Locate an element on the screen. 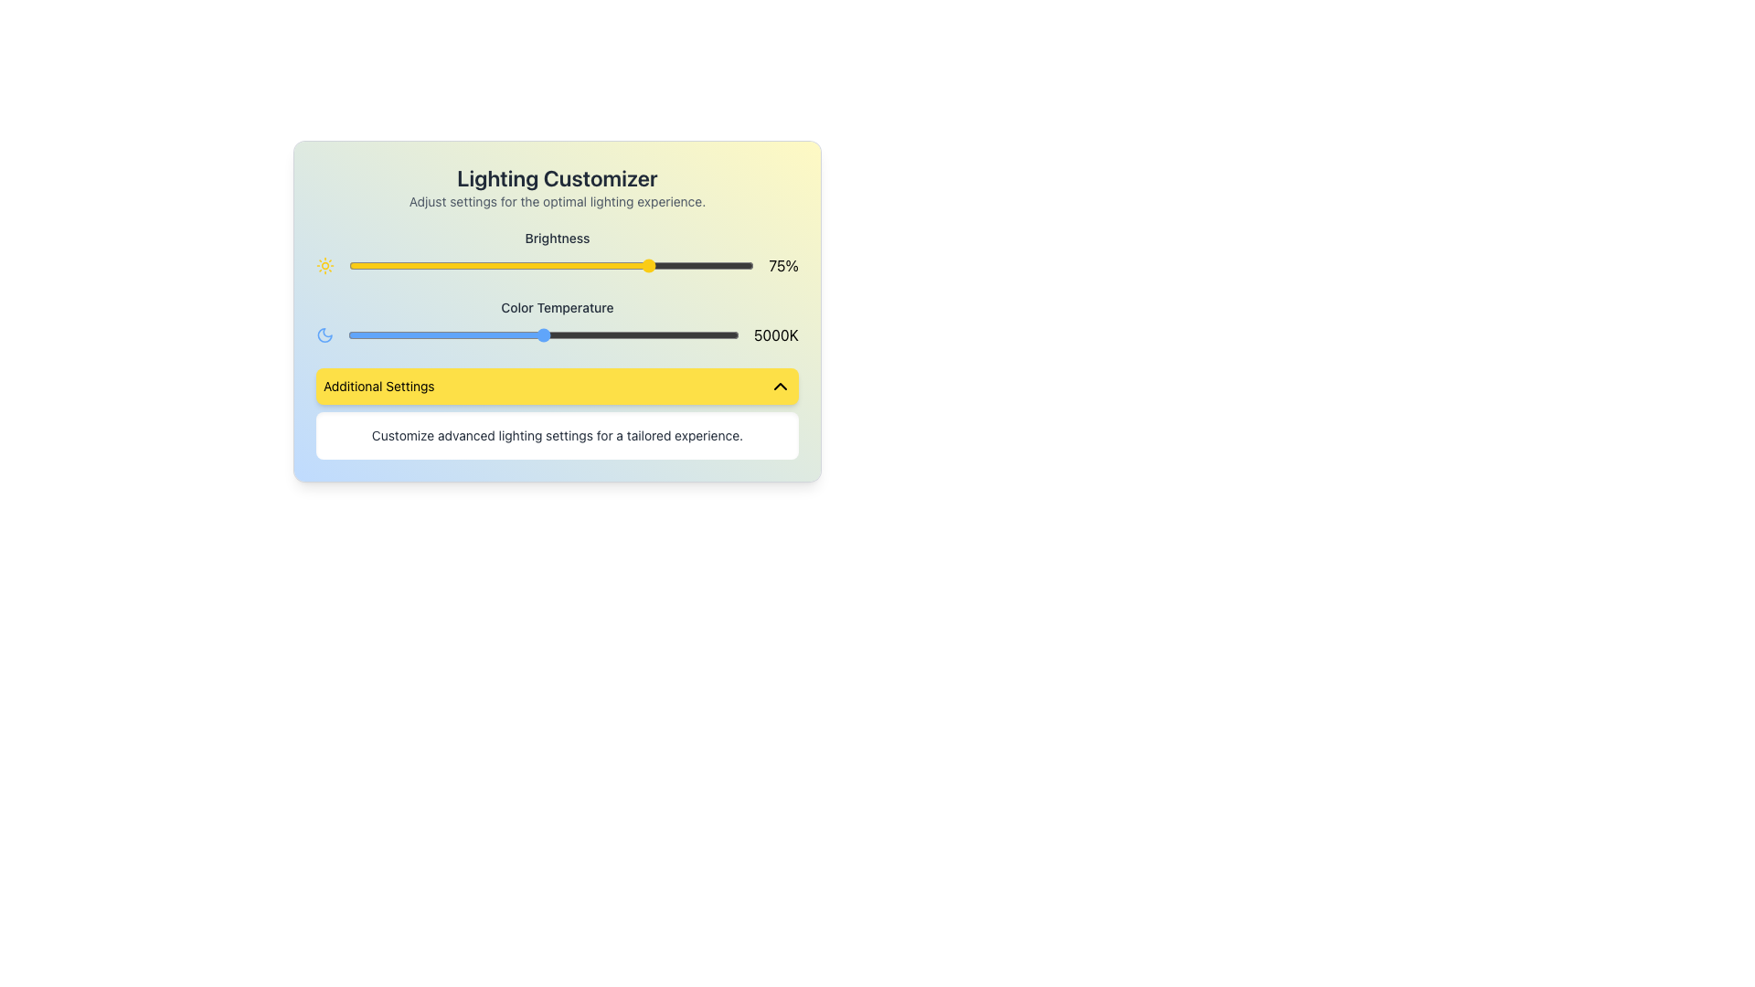 The width and height of the screenshot is (1755, 987). the brightness level is located at coordinates (656, 265).